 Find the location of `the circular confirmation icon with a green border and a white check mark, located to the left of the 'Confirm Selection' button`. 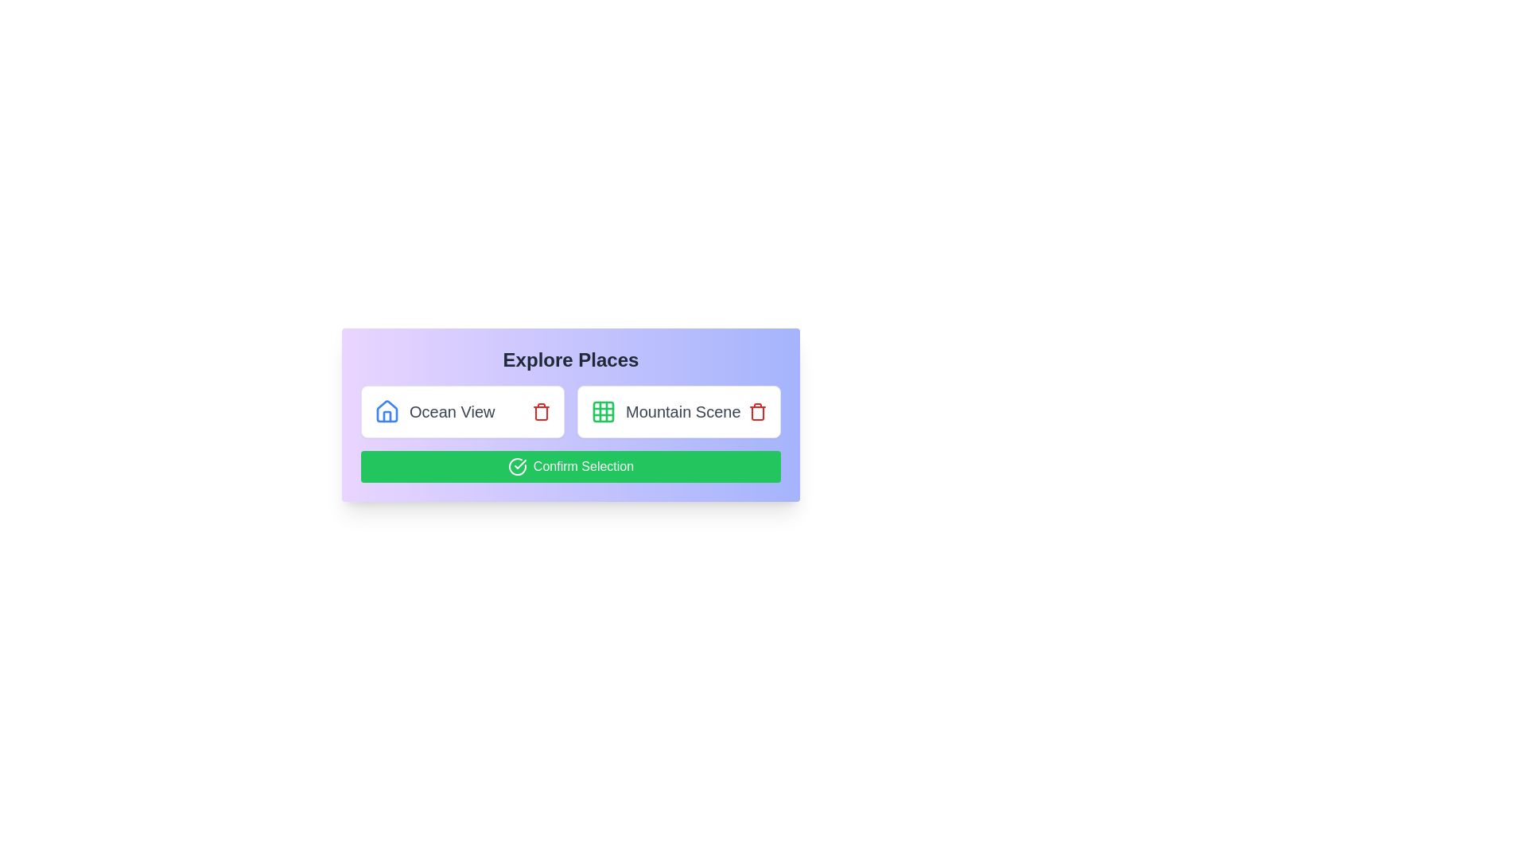

the circular confirmation icon with a green border and a white check mark, located to the left of the 'Confirm Selection' button is located at coordinates (517, 465).